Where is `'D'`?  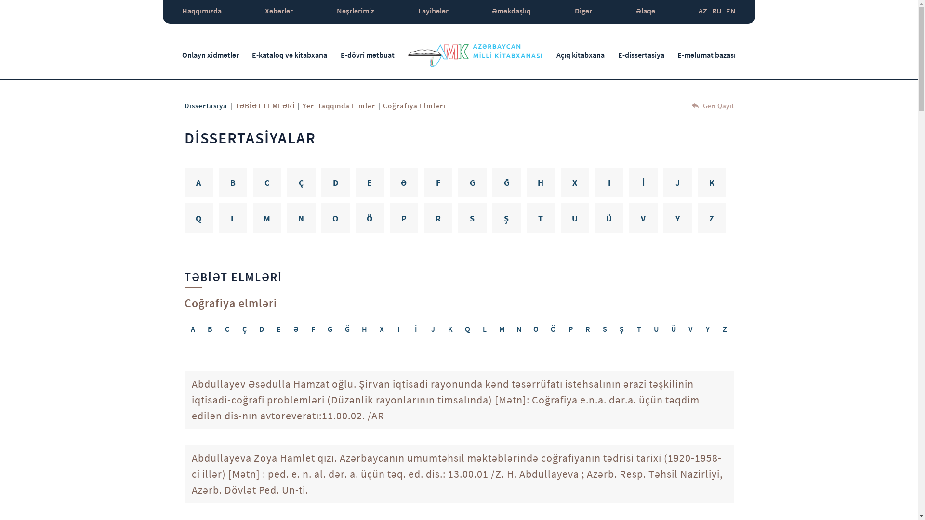 'D' is located at coordinates (335, 182).